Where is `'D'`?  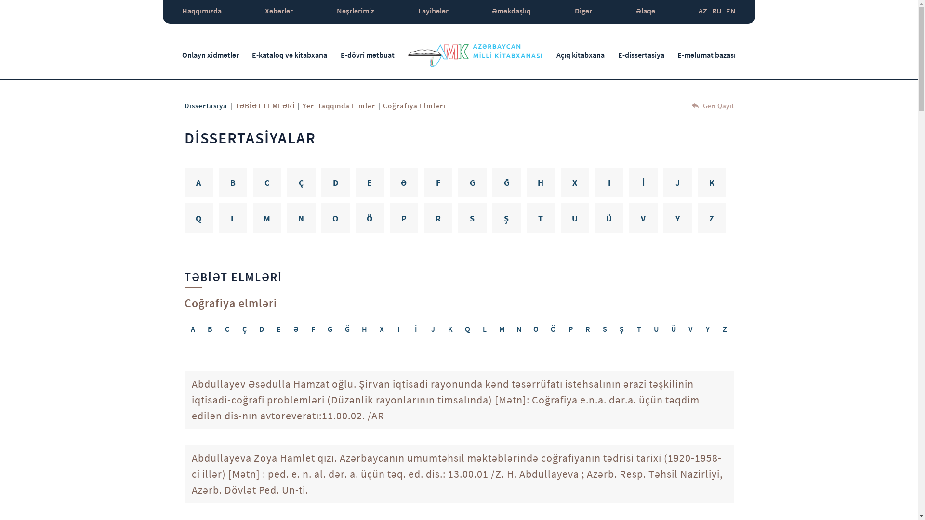 'D' is located at coordinates (335, 182).